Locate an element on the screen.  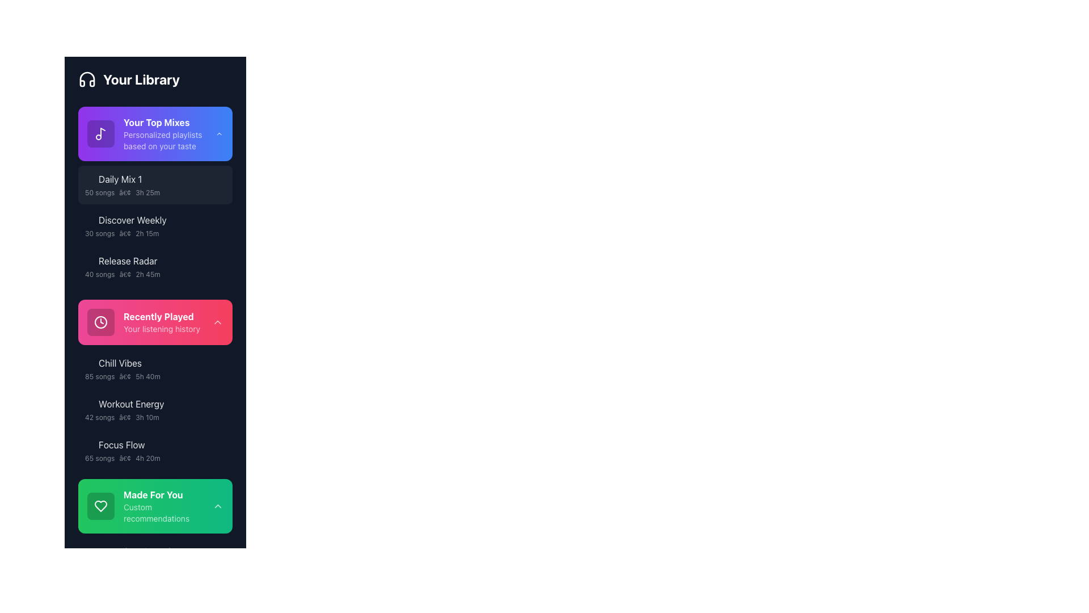
the text label providing additional context about the 'Made For You' section, located below the 'Made For You' text inside the green-highlighted rectangular card in the left navigation panel is located at coordinates (167, 513).